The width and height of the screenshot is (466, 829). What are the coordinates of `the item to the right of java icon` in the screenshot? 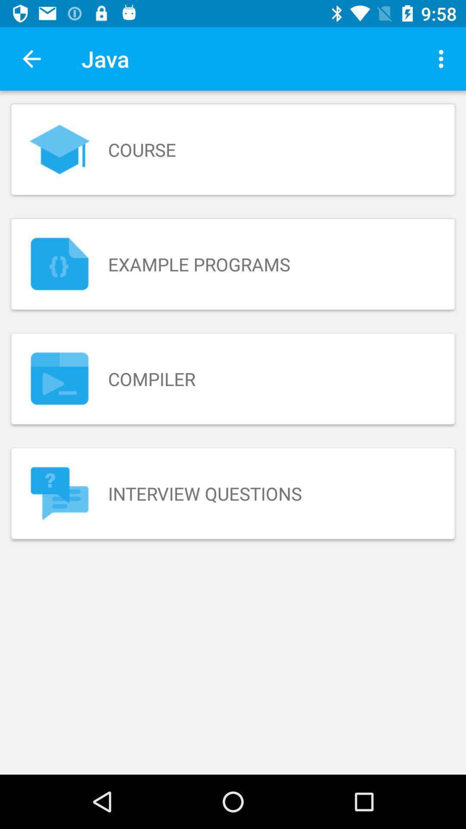 It's located at (443, 58).